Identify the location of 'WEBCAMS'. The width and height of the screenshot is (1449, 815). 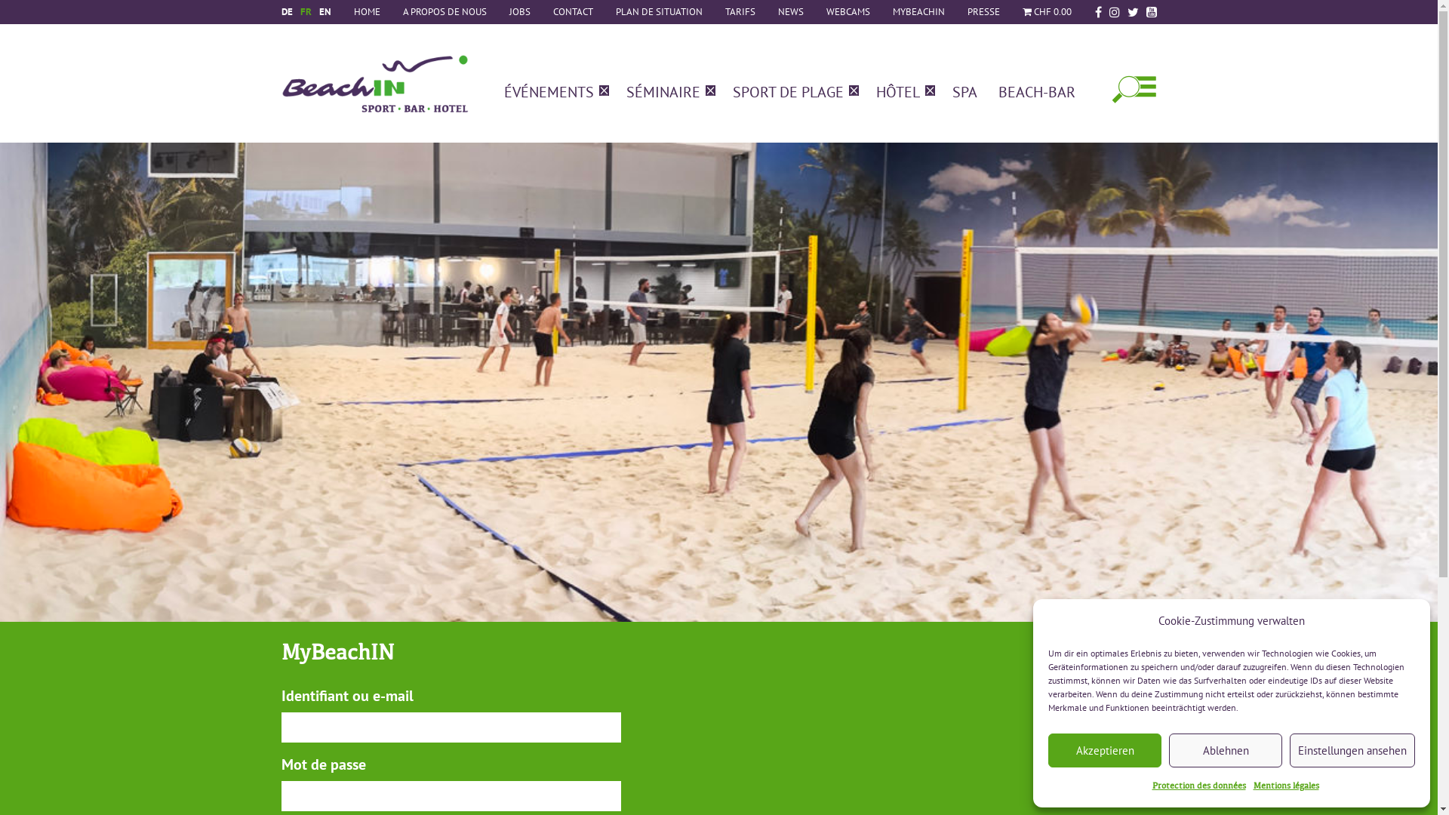
(848, 11).